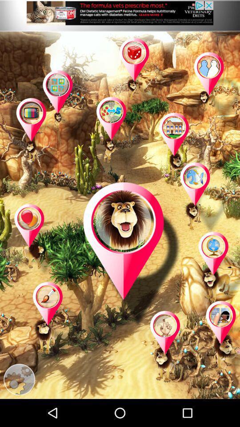  What do you see at coordinates (220, 337) in the screenshot?
I see `place button` at bounding box center [220, 337].